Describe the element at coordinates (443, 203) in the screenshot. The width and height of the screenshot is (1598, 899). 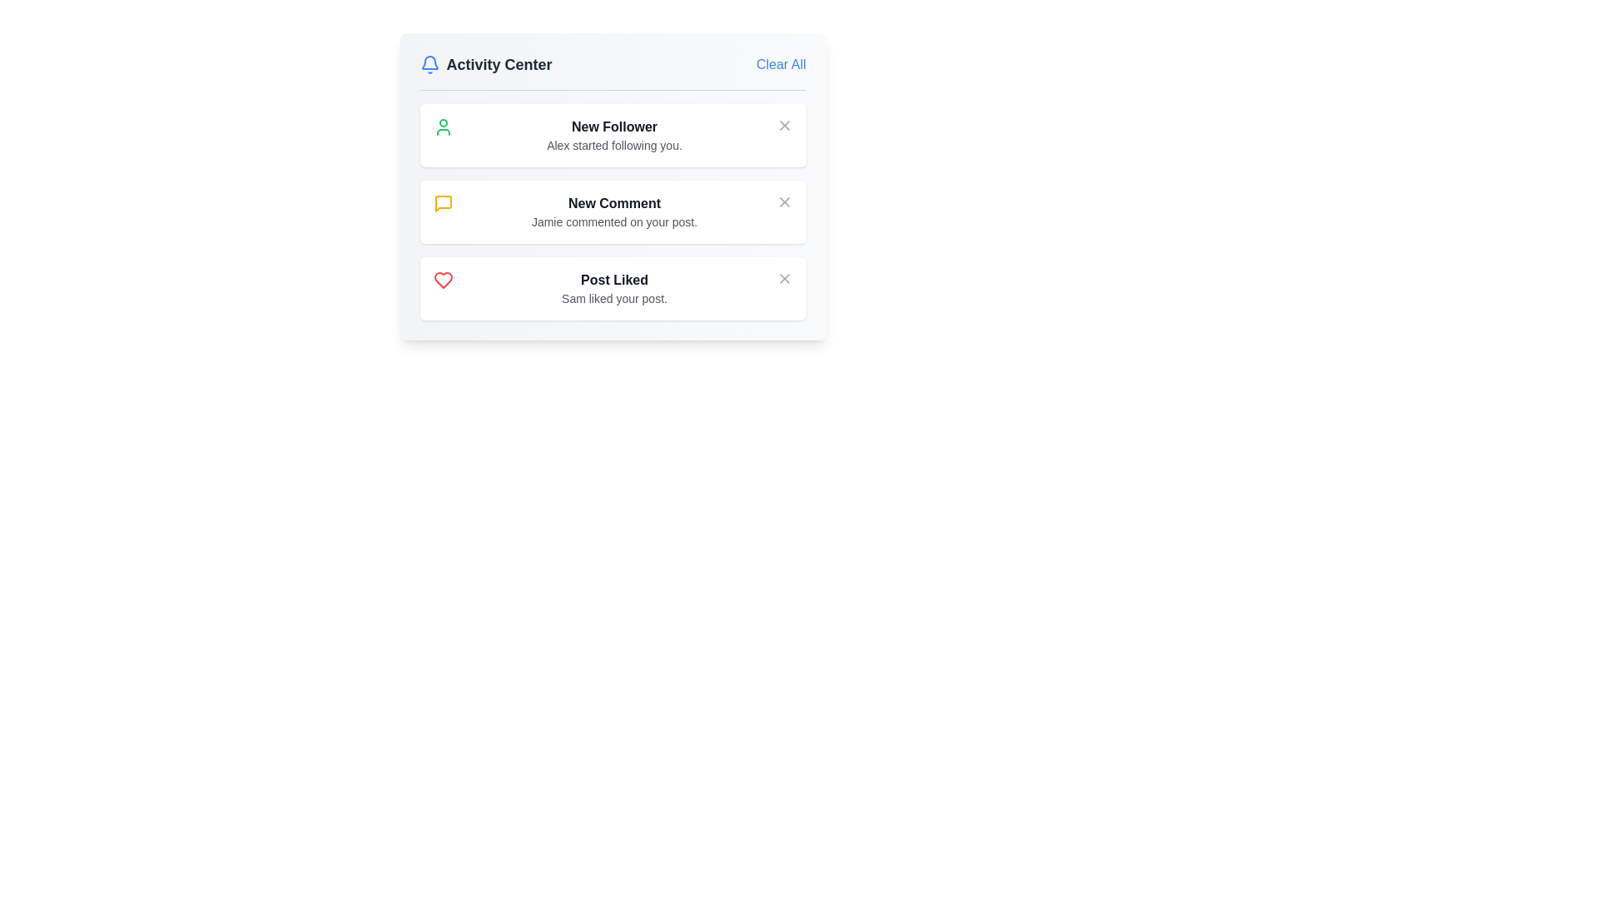
I see `the yellow chat bubble icon representing a comment, located in the second notification item titled 'New Comment' with the subtitle 'Jamie commented on your post.'` at that location.